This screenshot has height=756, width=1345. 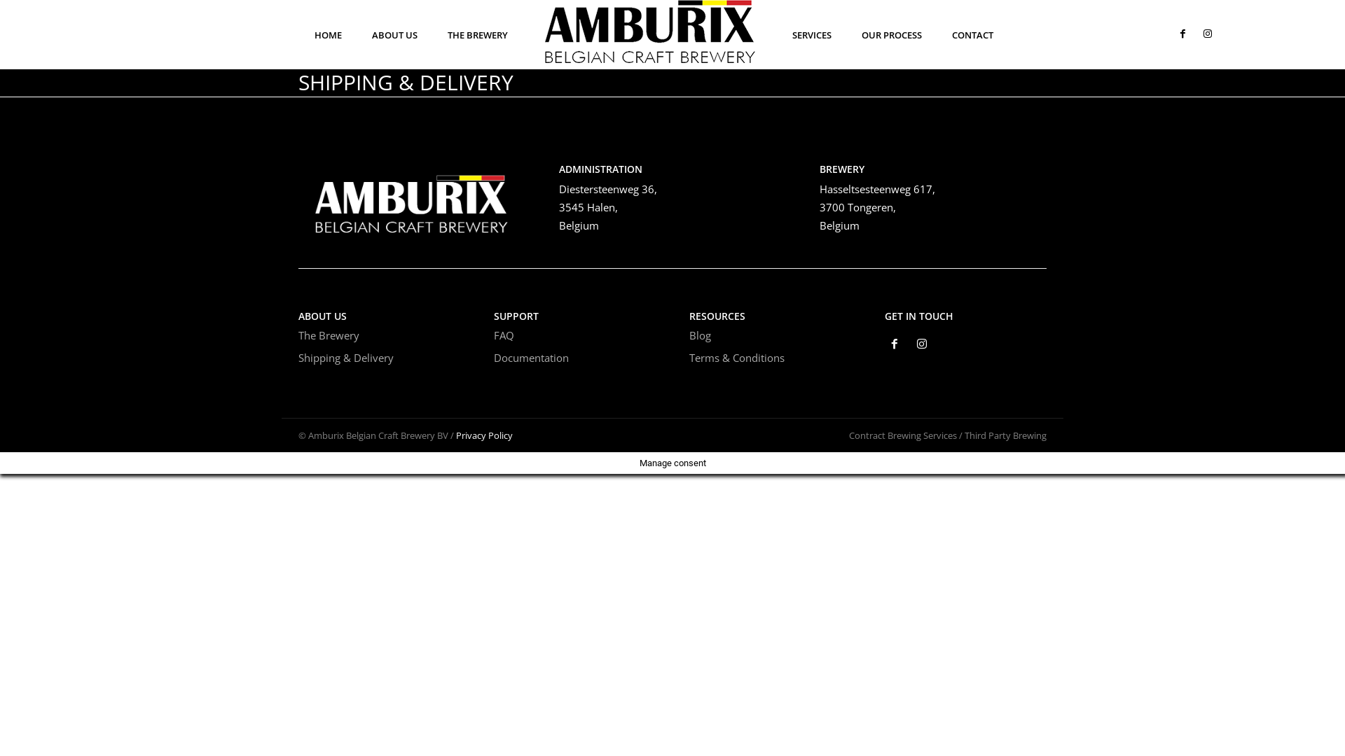 What do you see at coordinates (477, 34) in the screenshot?
I see `'THE BREWERY'` at bounding box center [477, 34].